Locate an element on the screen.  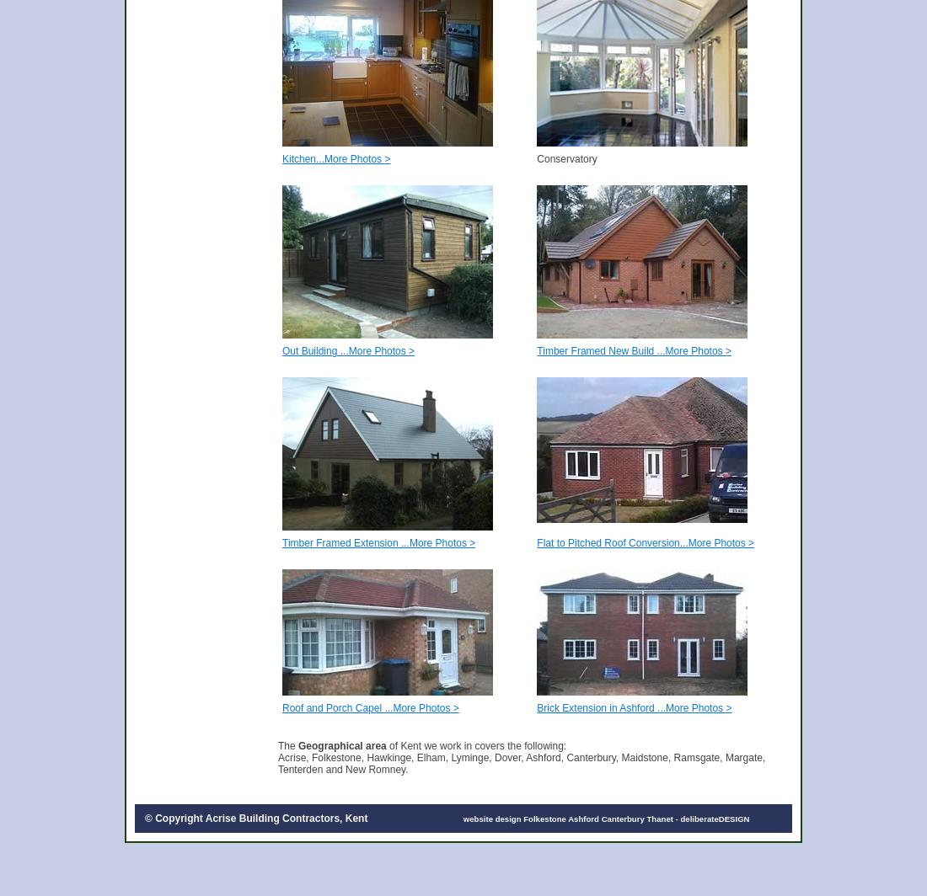
'Timber Framed New Build  ...More Photos >' is located at coordinates (632, 350).